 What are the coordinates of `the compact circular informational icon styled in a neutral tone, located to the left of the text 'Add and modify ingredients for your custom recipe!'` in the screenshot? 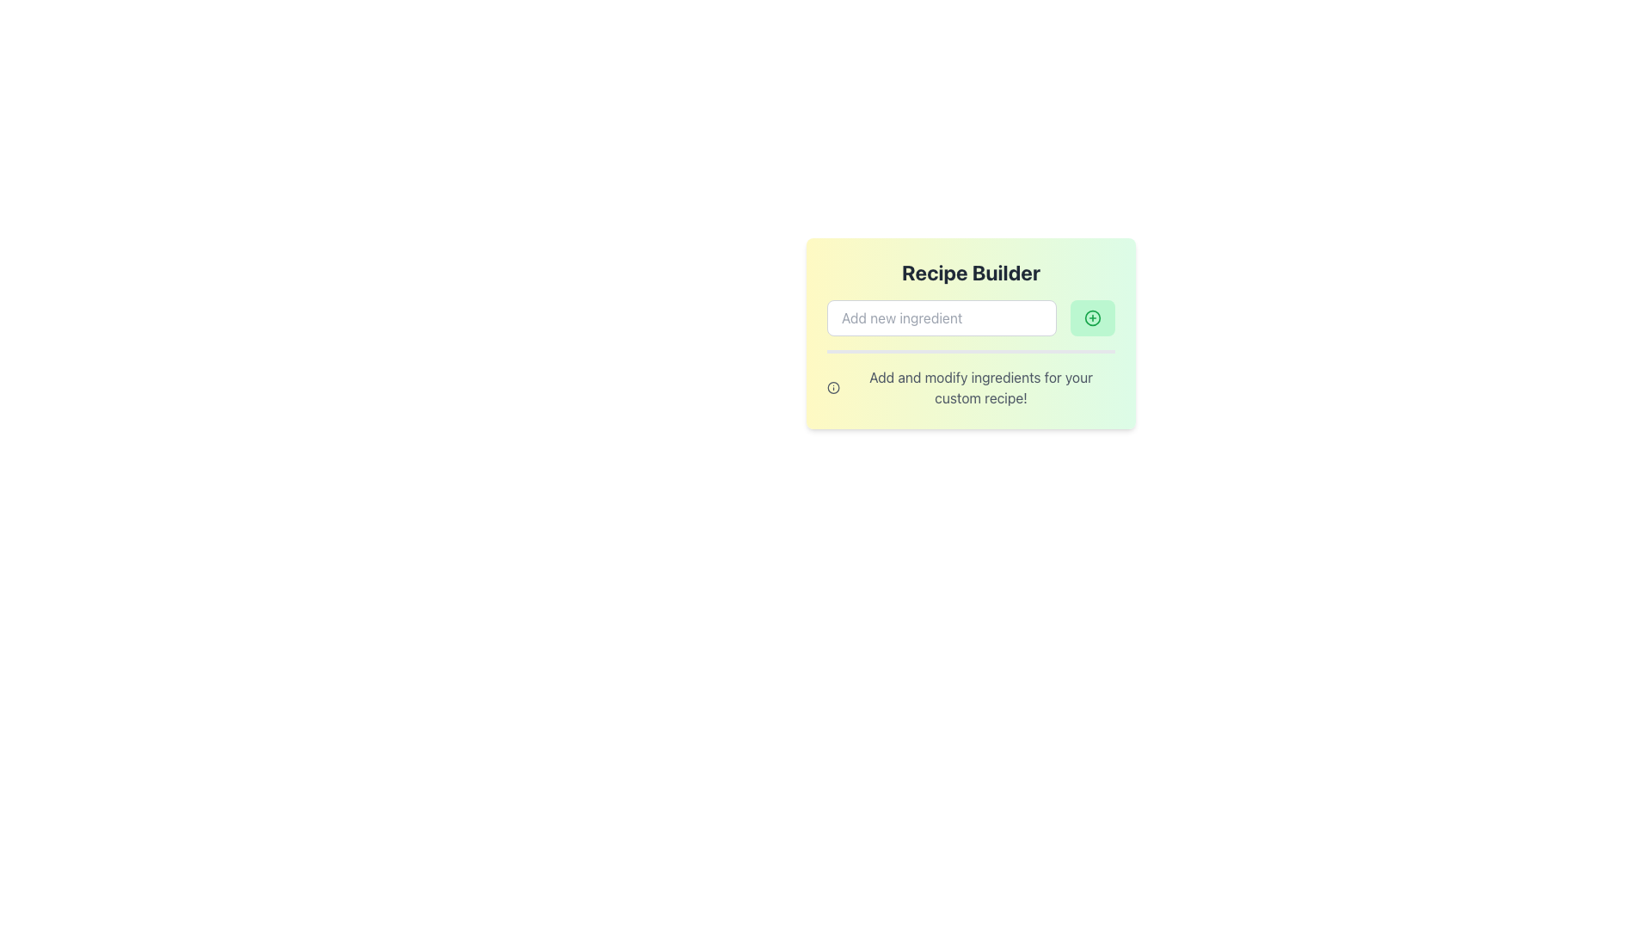 It's located at (833, 388).